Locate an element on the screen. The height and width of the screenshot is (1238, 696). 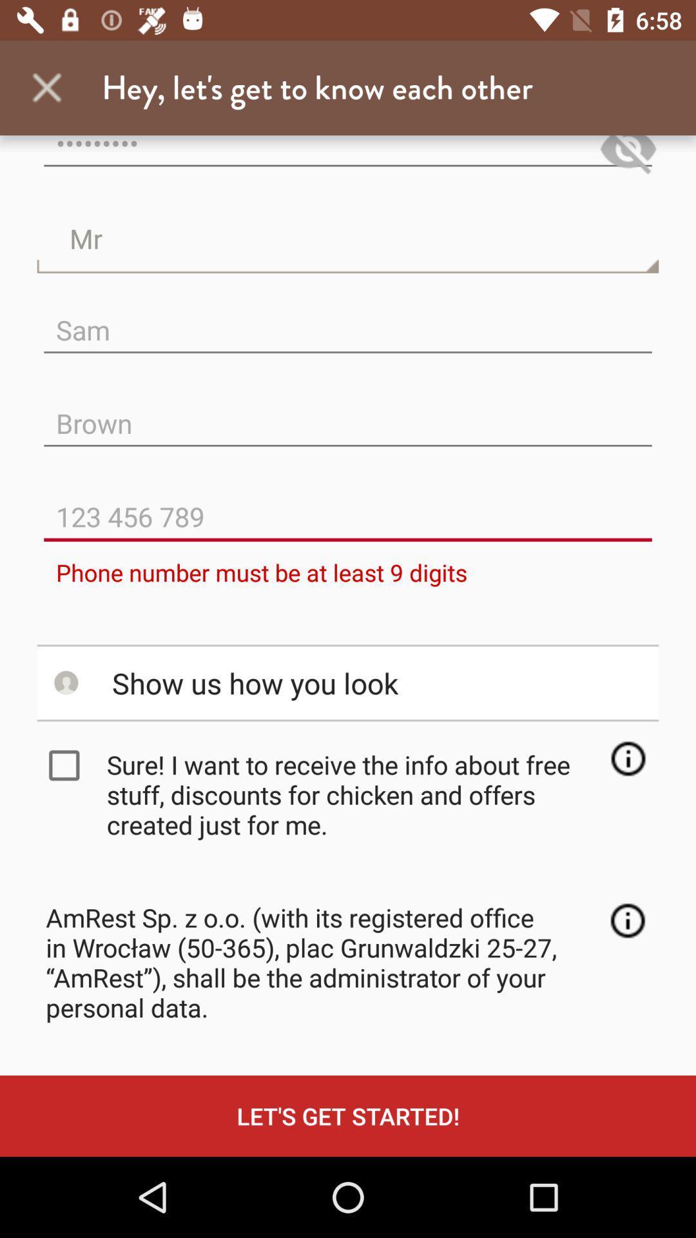
item above the crowd3116 is located at coordinates (46, 87).